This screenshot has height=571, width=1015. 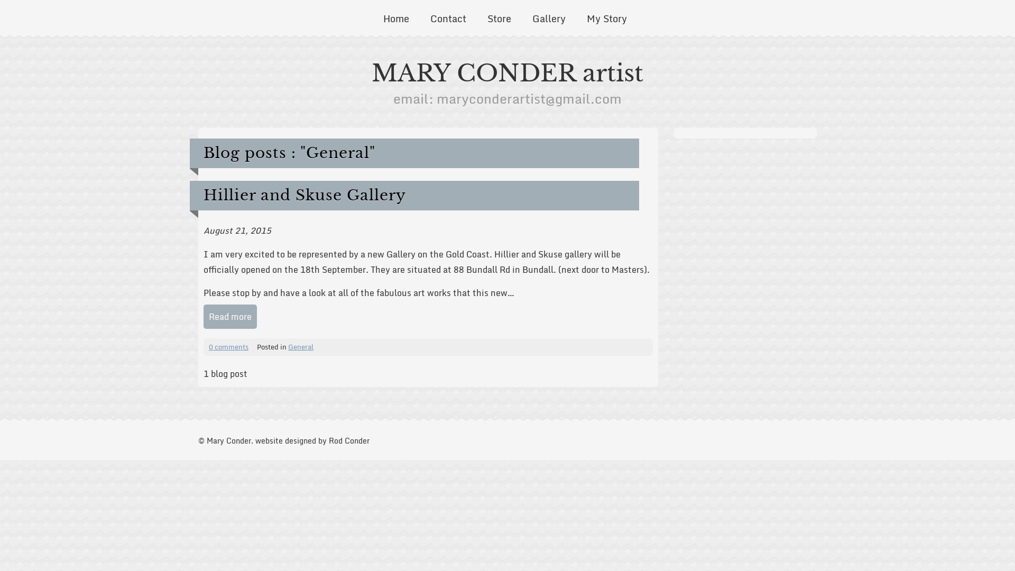 What do you see at coordinates (578, 18) in the screenshot?
I see `'My Story'` at bounding box center [578, 18].